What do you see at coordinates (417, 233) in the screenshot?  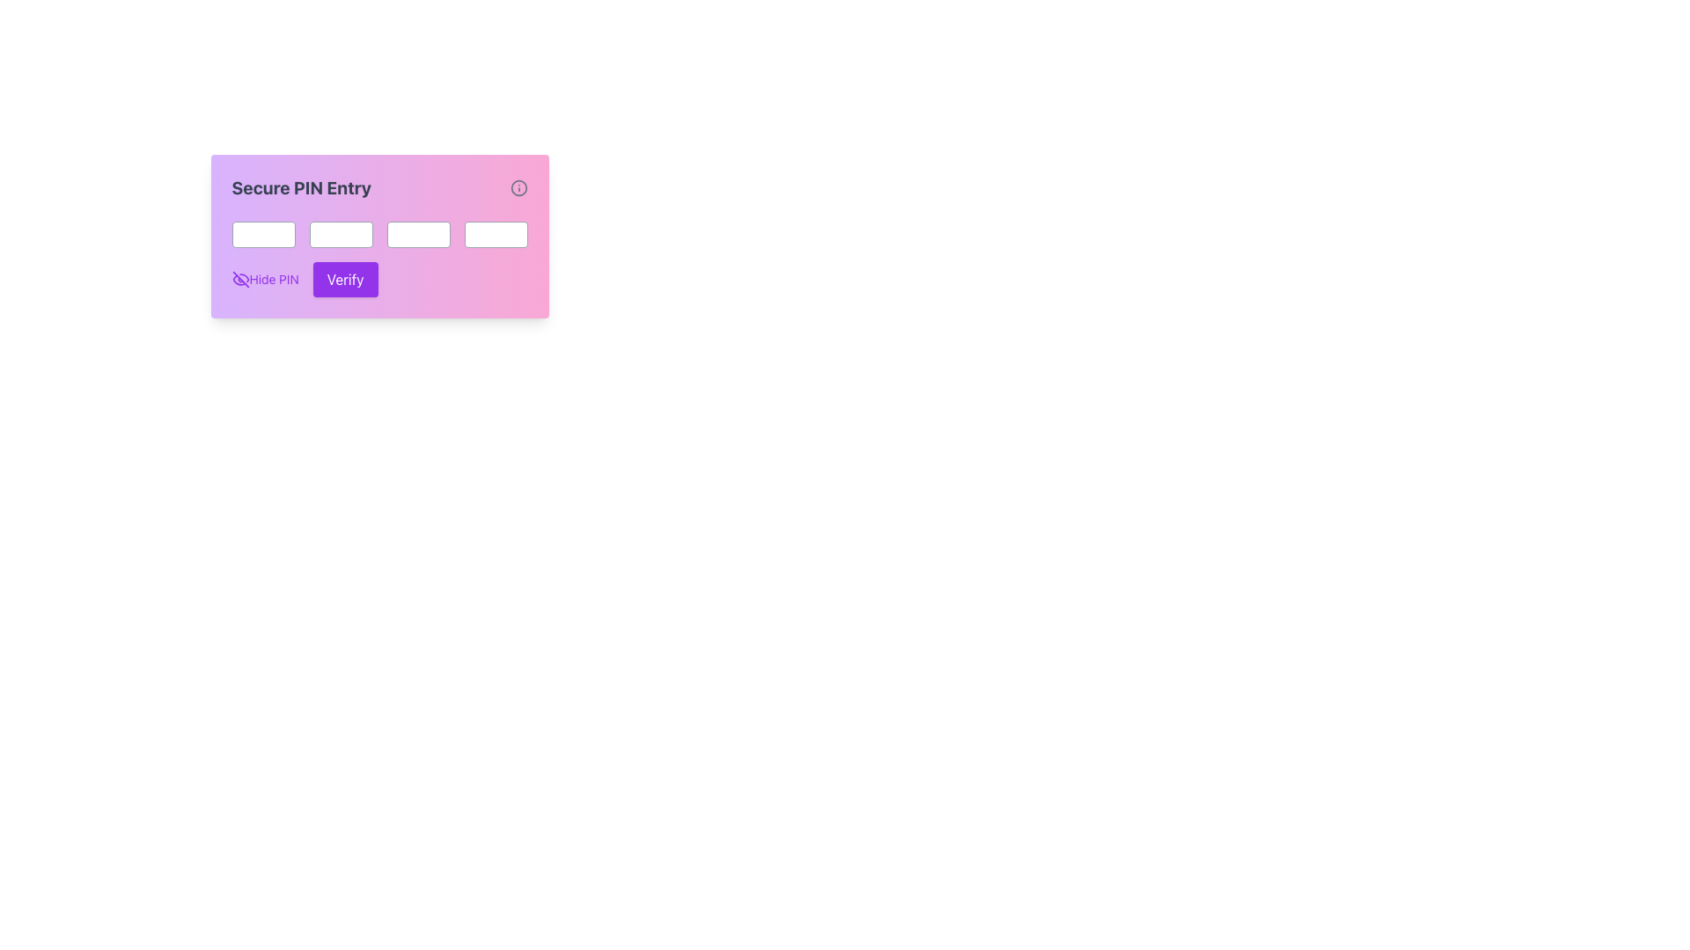 I see `the single-character input box with a white background and light gray border to focus on it` at bounding box center [417, 233].